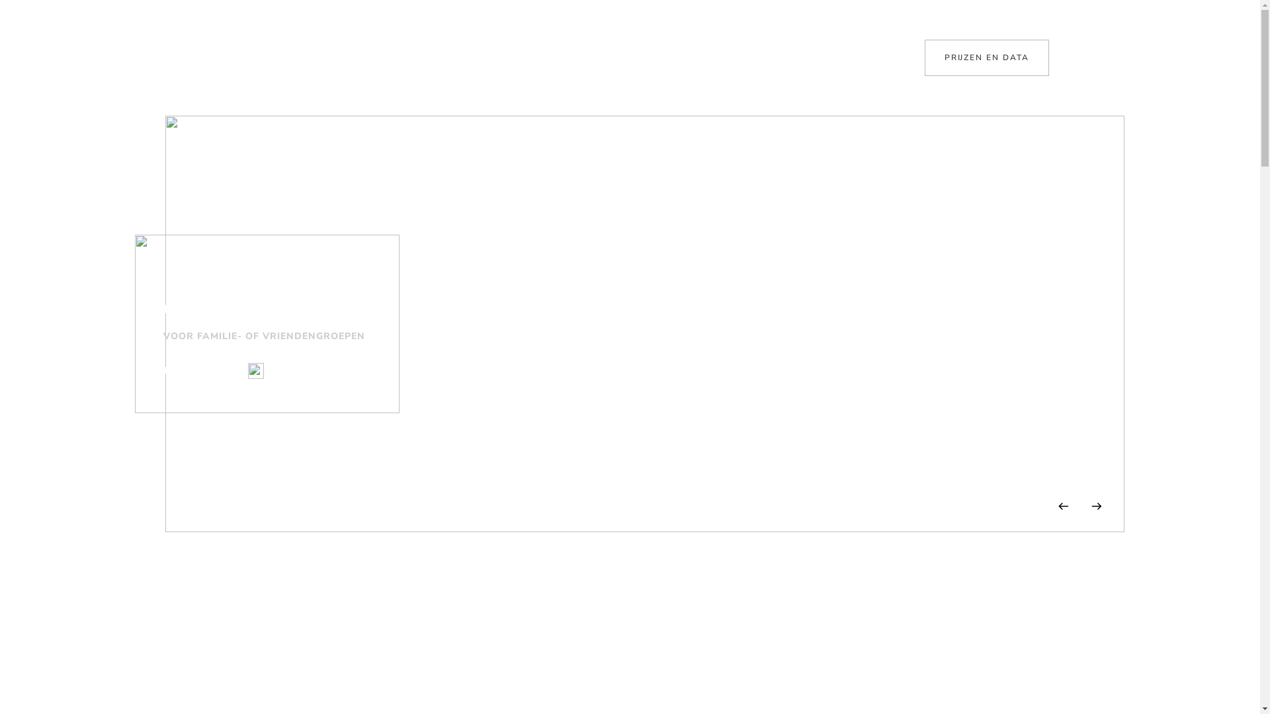  Describe the element at coordinates (202, 370) in the screenshot. I see `'RESERVEER NU'` at that location.